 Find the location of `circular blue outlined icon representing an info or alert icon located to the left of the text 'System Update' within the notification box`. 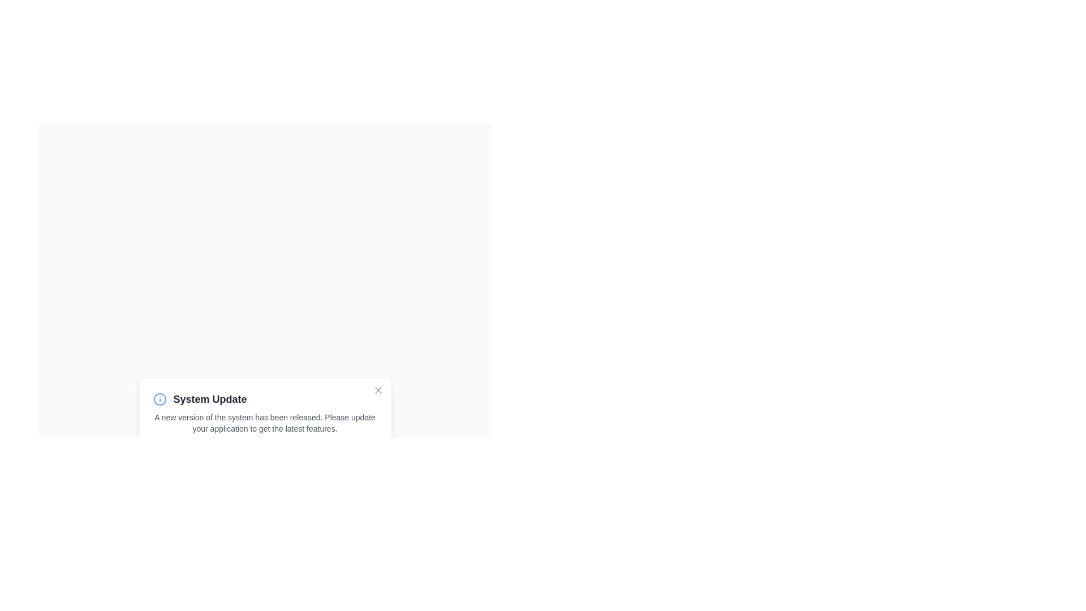

circular blue outlined icon representing an info or alert icon located to the left of the text 'System Update' within the notification box is located at coordinates (159, 398).